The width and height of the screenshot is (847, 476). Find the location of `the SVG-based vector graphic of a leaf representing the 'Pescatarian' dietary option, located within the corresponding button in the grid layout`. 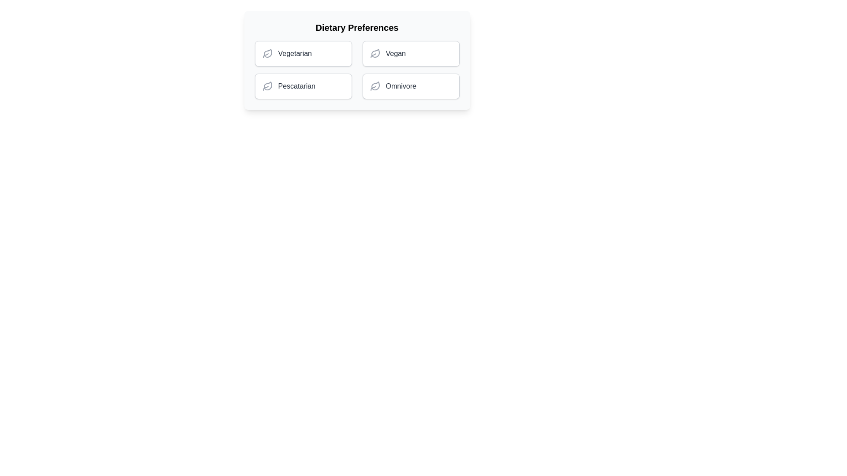

the SVG-based vector graphic of a leaf representing the 'Pescatarian' dietary option, located within the corresponding button in the grid layout is located at coordinates (267, 53).